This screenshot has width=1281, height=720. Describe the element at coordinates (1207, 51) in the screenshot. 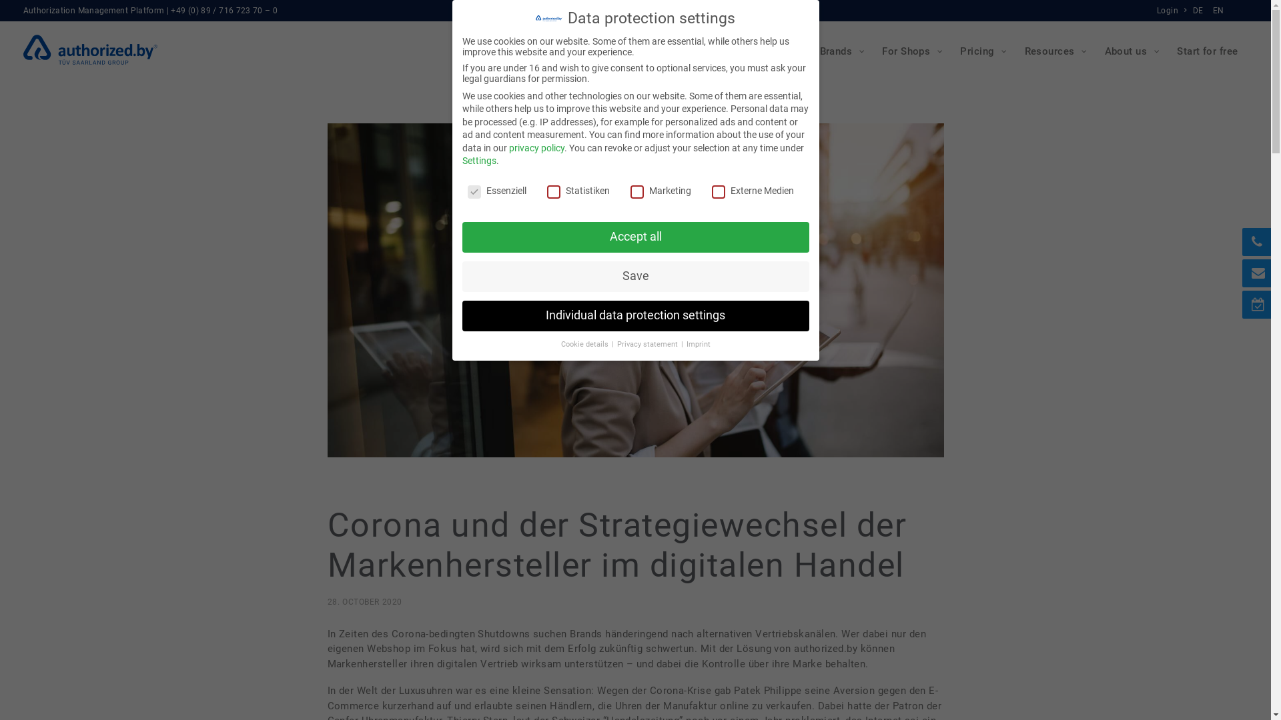

I see `'Start for free'` at that location.